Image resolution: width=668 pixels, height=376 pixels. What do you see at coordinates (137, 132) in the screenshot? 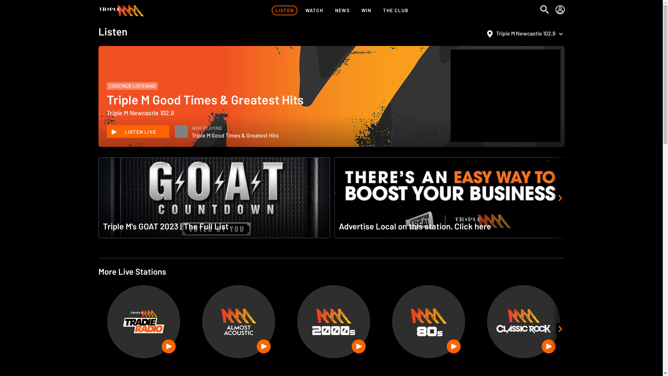
I see `'LISTEN LIVE'` at bounding box center [137, 132].